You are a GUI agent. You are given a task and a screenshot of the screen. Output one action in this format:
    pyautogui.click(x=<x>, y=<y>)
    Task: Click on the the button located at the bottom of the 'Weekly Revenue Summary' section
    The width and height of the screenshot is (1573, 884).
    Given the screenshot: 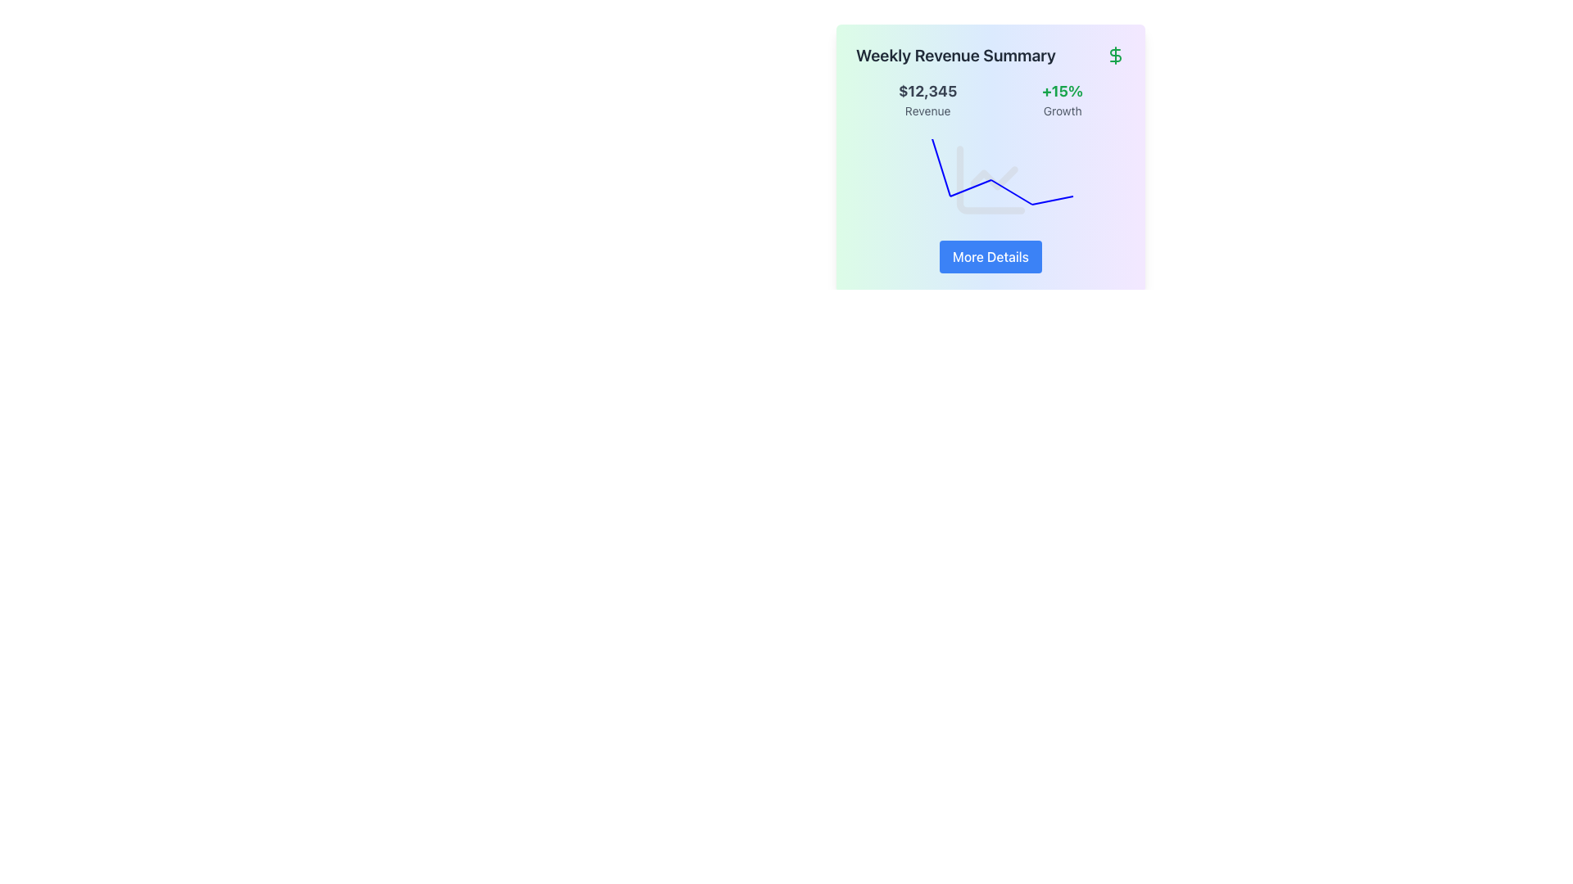 What is the action you would take?
    pyautogui.click(x=990, y=256)
    